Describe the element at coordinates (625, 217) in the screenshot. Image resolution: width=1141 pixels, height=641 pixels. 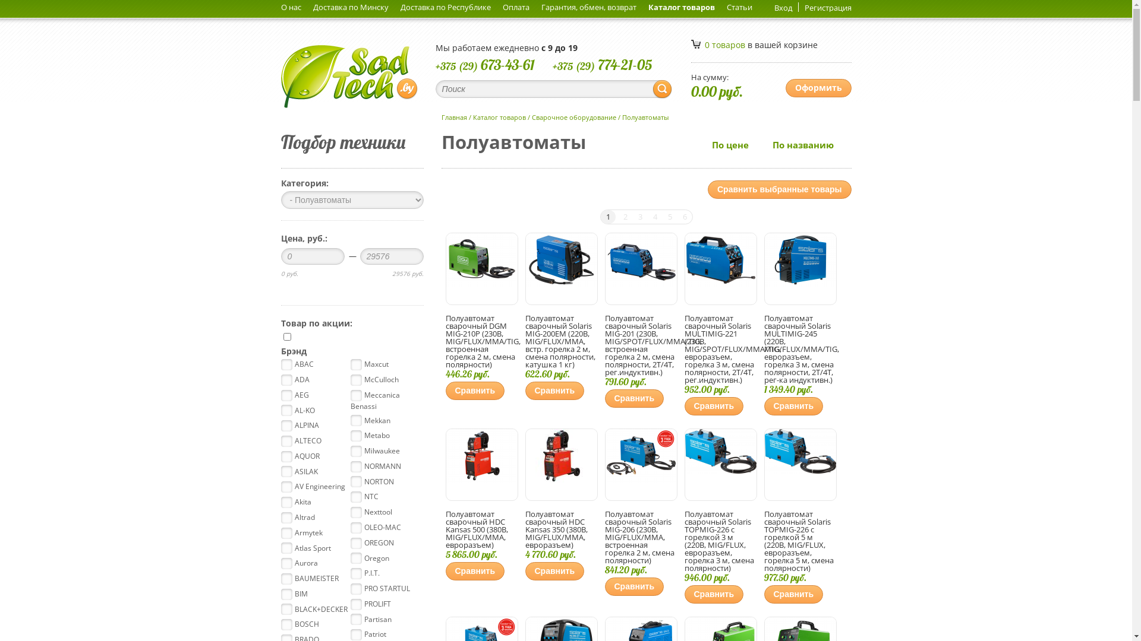
I see `'2'` at that location.